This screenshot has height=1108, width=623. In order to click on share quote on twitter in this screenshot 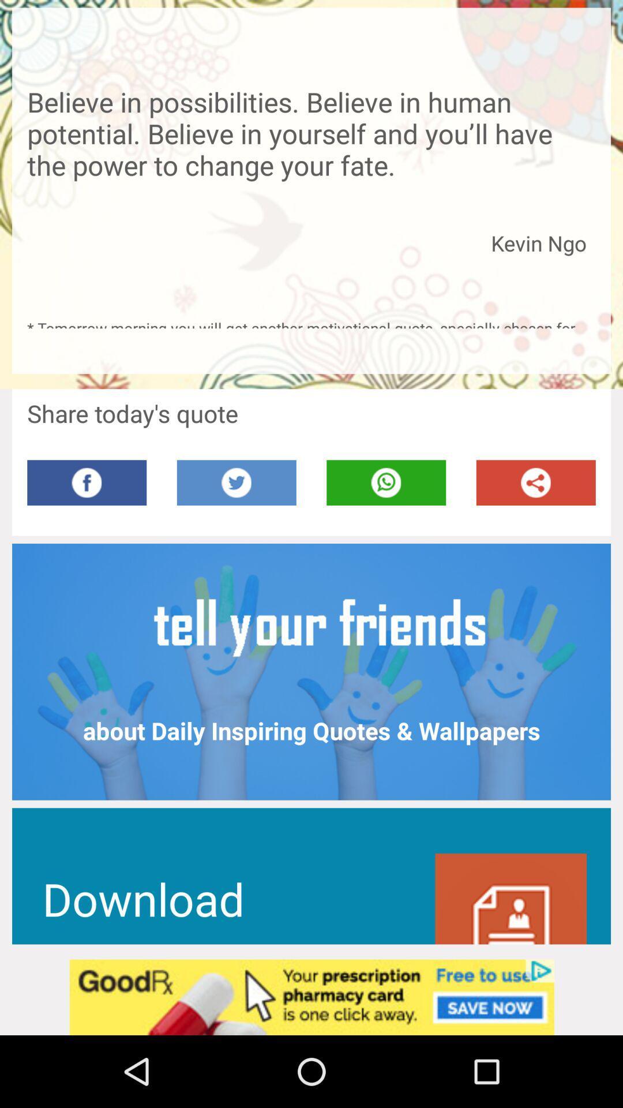, I will do `click(236, 482)`.